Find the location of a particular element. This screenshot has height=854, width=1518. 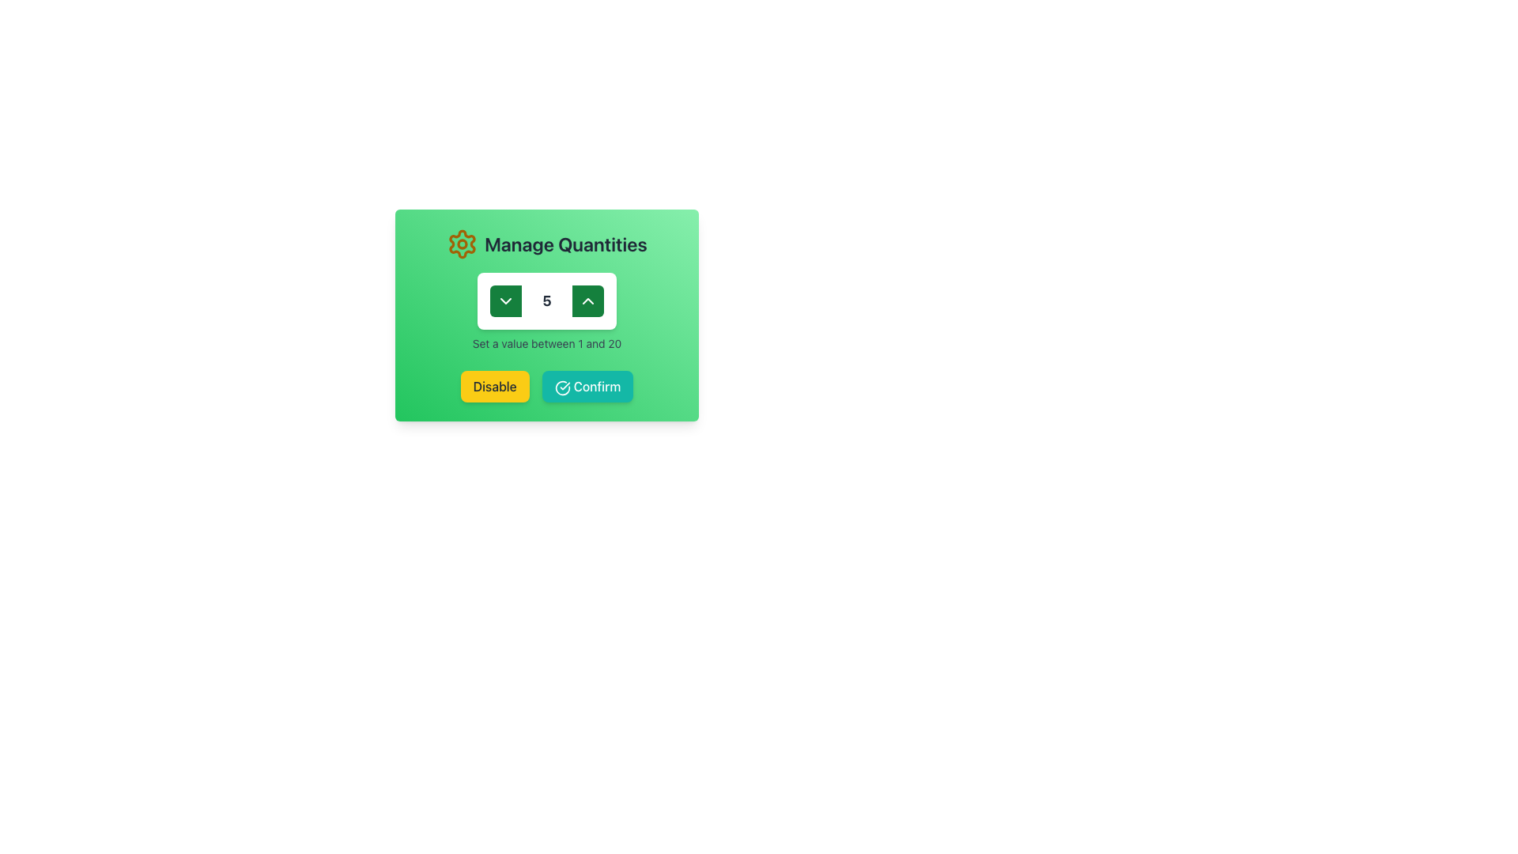

the text label that reads 'Set a value between 1 and 20', which is displayed in gray below the input field and button group in the card-like interface is located at coordinates (546, 343).